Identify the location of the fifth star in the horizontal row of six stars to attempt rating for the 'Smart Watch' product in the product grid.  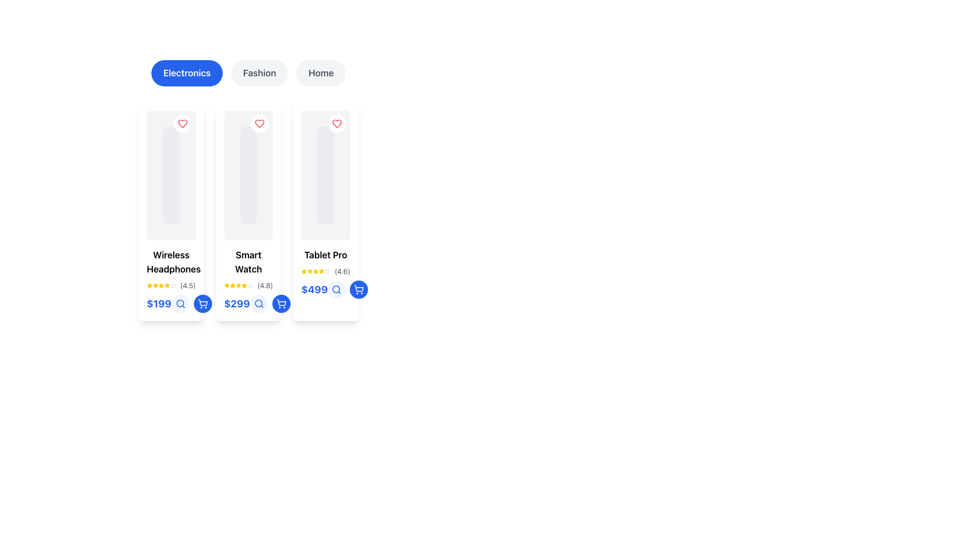
(250, 285).